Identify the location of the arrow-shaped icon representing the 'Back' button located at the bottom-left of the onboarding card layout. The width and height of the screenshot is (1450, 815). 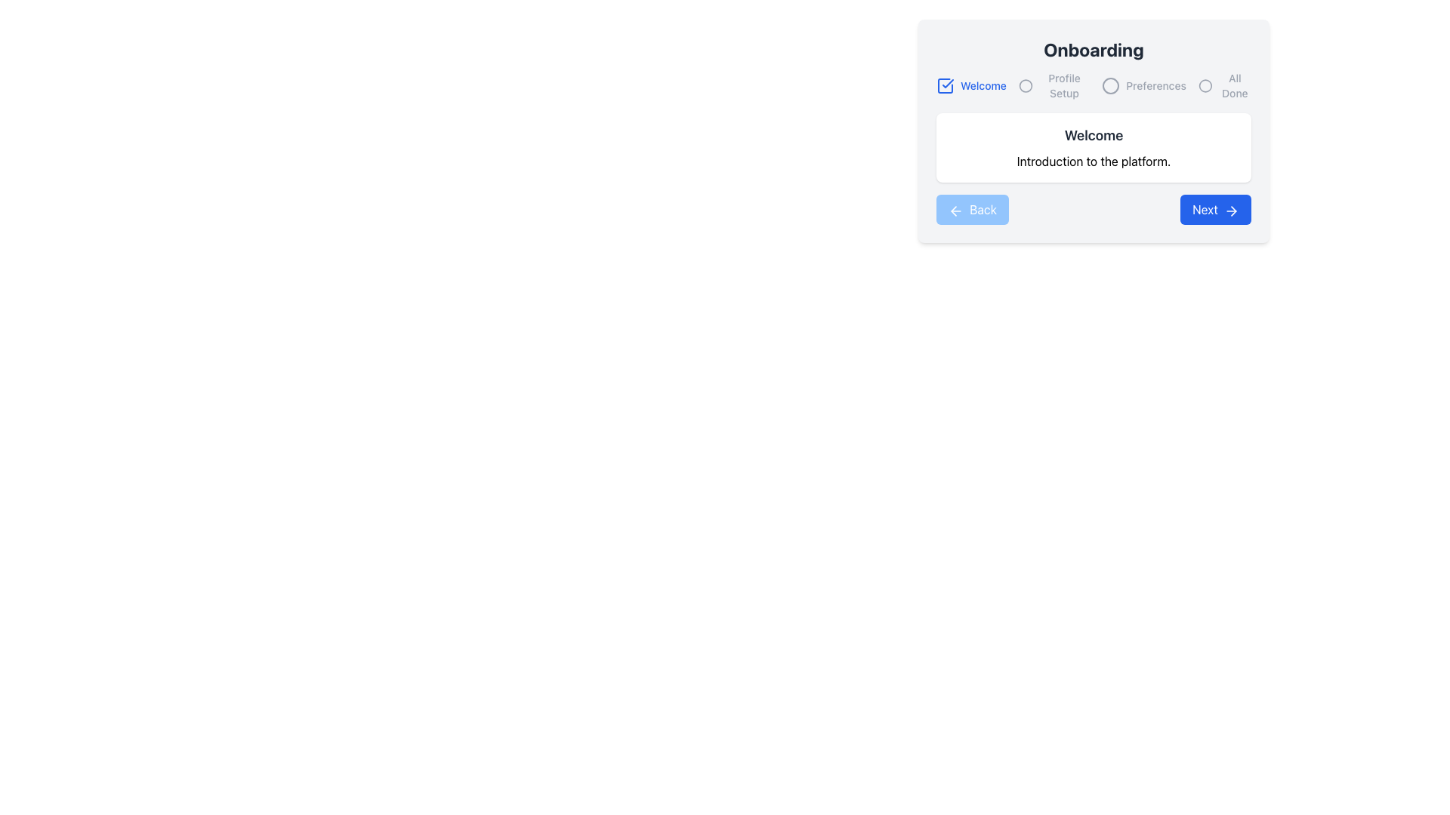
(953, 211).